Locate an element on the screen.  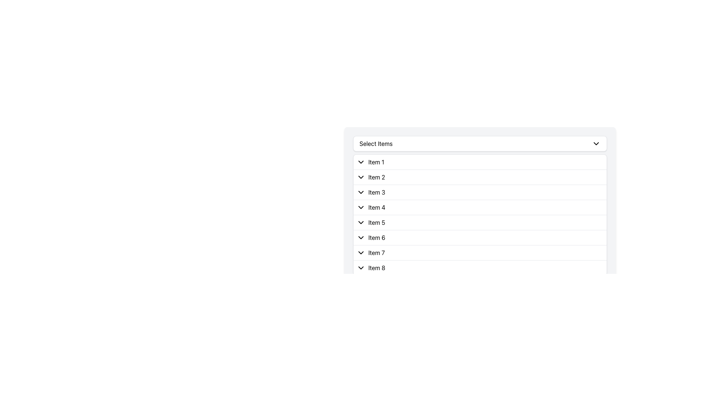
the text label displaying 'Item 5' which is located to the right of a chevron icon within the fifth item of a dropdown-like interface is located at coordinates (376, 222).